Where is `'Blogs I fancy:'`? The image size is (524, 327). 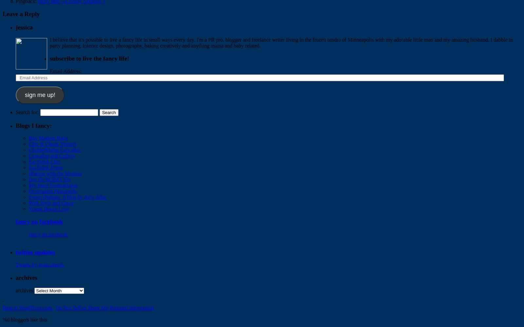
'Blogs I fancy:' is located at coordinates (33, 125).